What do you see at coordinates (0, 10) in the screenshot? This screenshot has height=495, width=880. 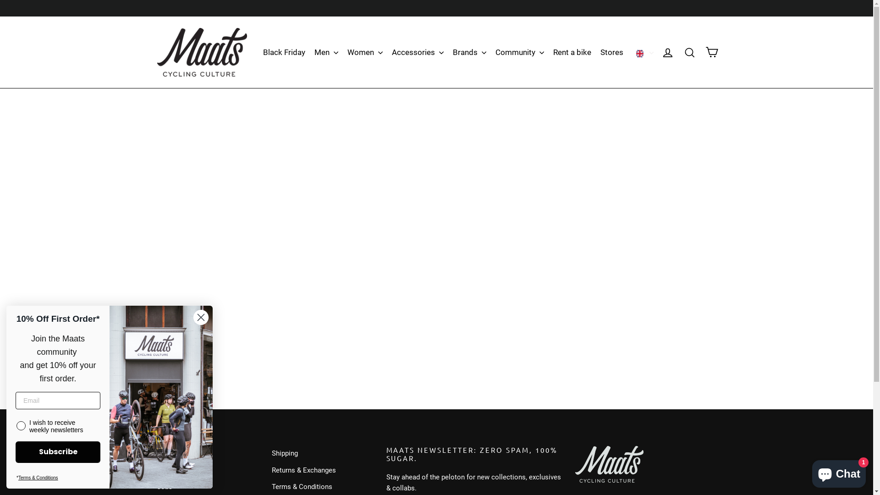 I see `'Submit'` at bounding box center [0, 10].